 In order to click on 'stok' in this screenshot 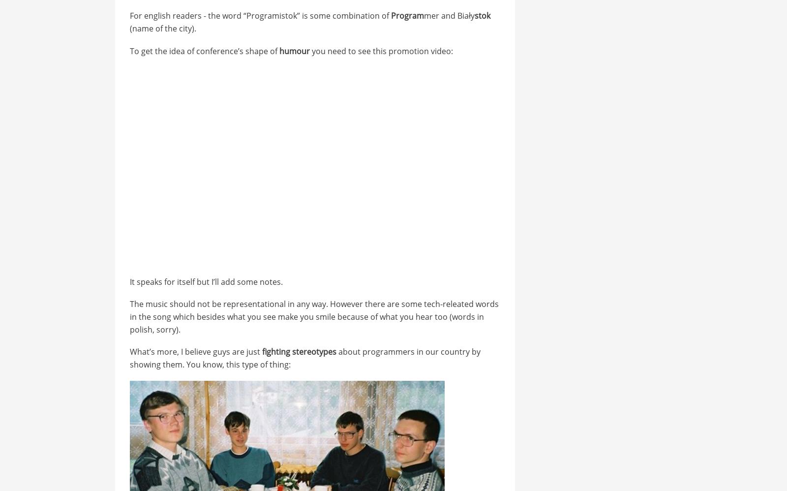, I will do `click(482, 16)`.